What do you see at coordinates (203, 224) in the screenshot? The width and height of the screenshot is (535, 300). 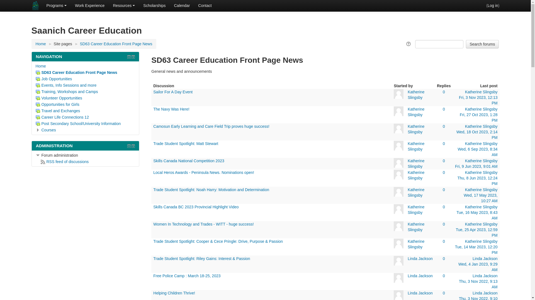 I see `'Women In Technology and Trades - WITT - huge success!'` at bounding box center [203, 224].